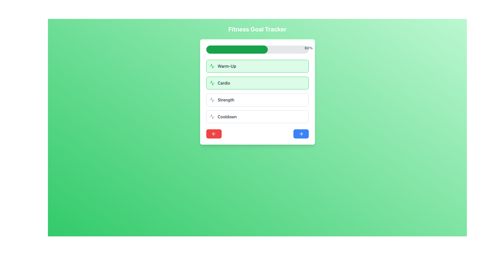 The height and width of the screenshot is (276, 492). I want to click on the SVG graphic icon that visually resembles a wave or zig-zag line, located to the left of the 'Strength' label in the list of items including 'Warm-Up,' 'Cardio,' 'Strength,' and 'Cooldown.', so click(212, 100).